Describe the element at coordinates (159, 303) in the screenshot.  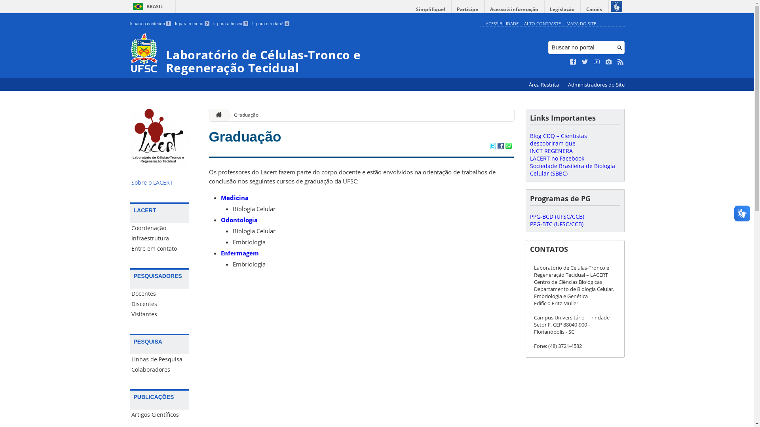
I see `'Discentes'` at that location.